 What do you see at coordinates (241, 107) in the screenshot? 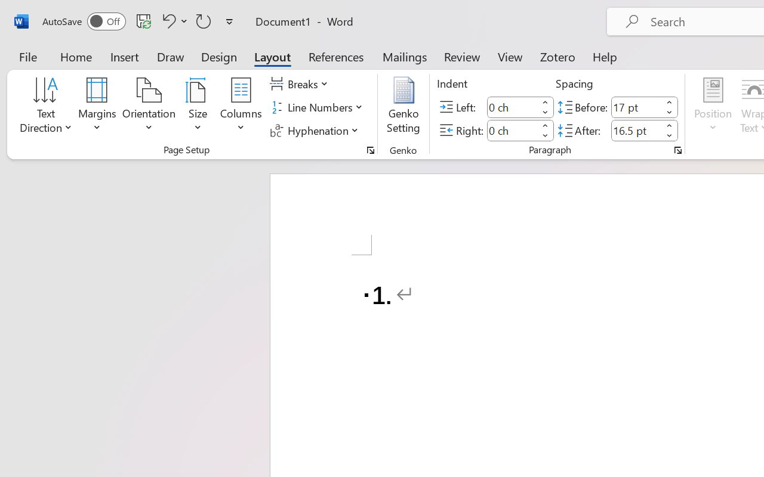
I see `'Columns'` at bounding box center [241, 107].